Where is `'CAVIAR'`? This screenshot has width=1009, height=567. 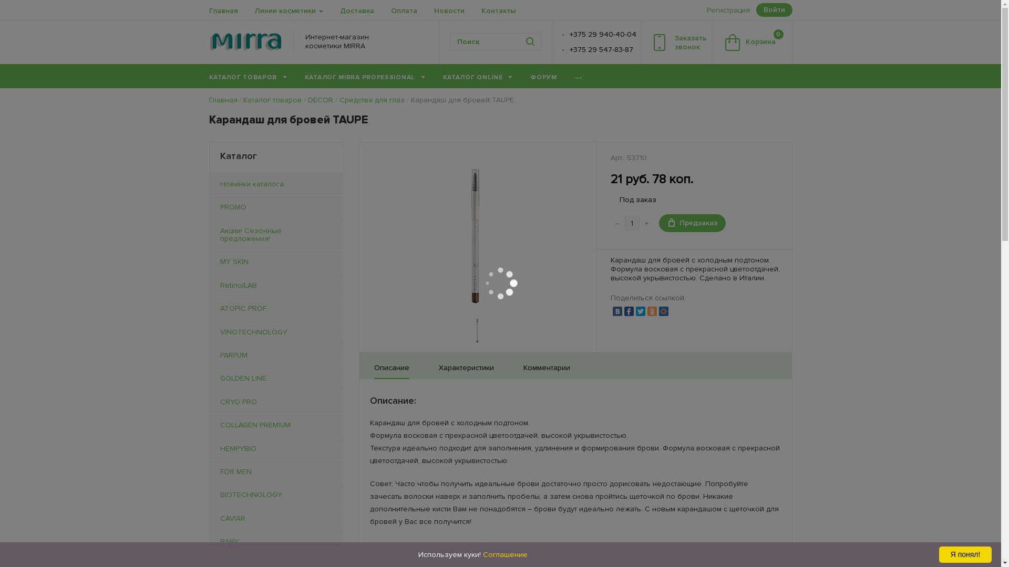 'CAVIAR' is located at coordinates (209, 518).